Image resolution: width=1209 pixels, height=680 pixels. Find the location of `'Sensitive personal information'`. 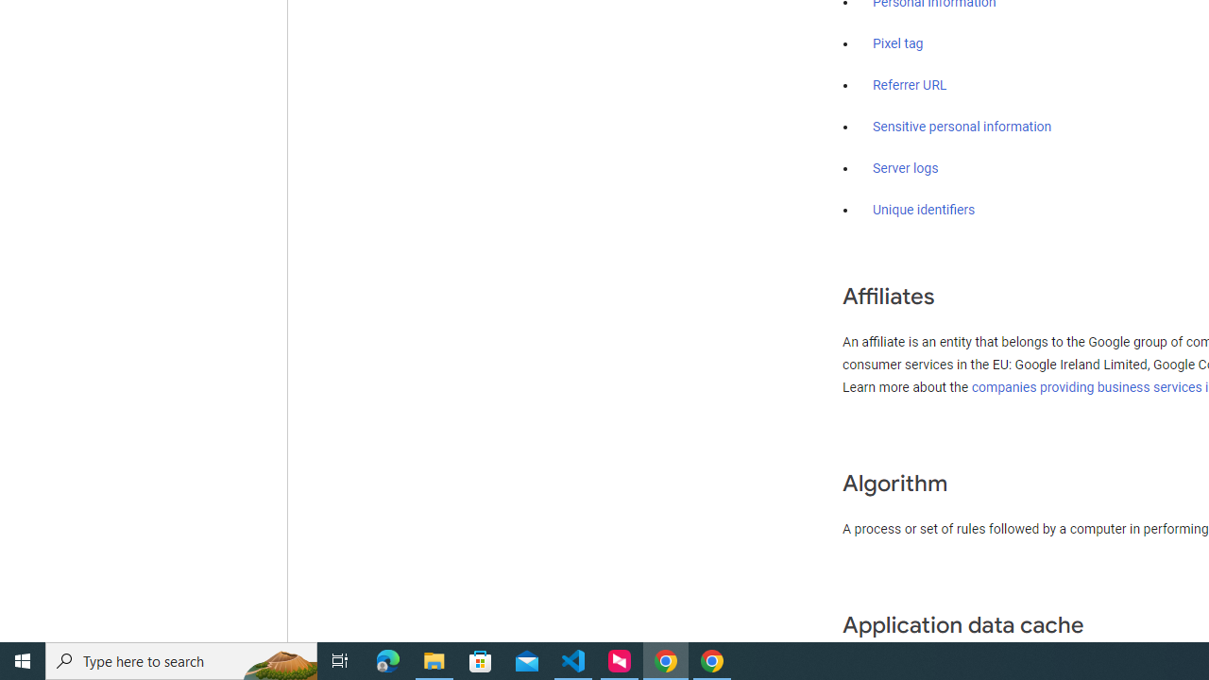

'Sensitive personal information' is located at coordinates (962, 127).